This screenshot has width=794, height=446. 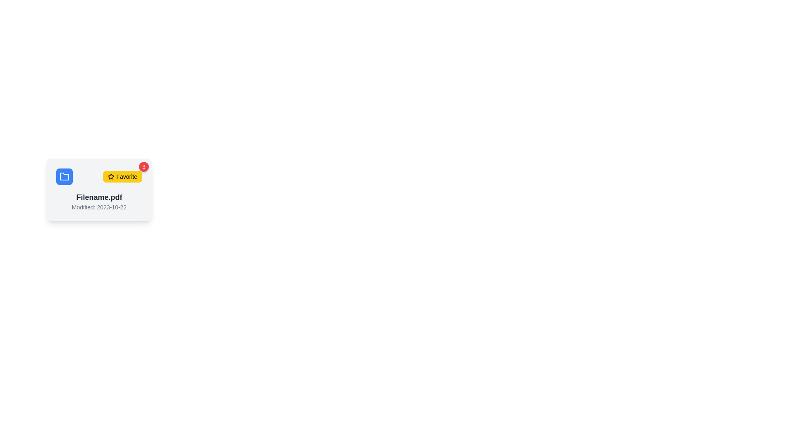 I want to click on the graphical folder icon with a blue fill located in the top-left section of the file metadata card, so click(x=64, y=176).